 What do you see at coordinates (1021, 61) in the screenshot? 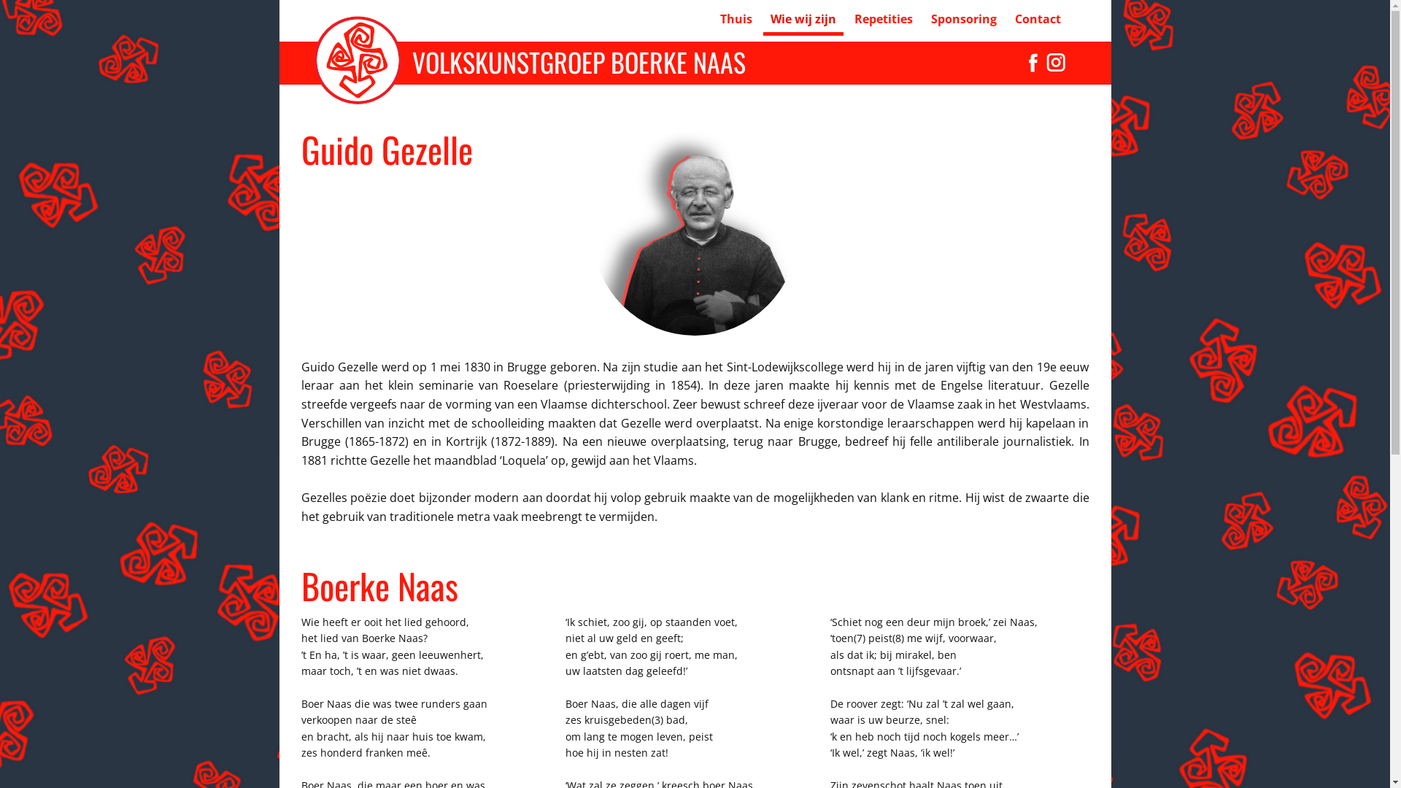
I see `'facebook'` at bounding box center [1021, 61].